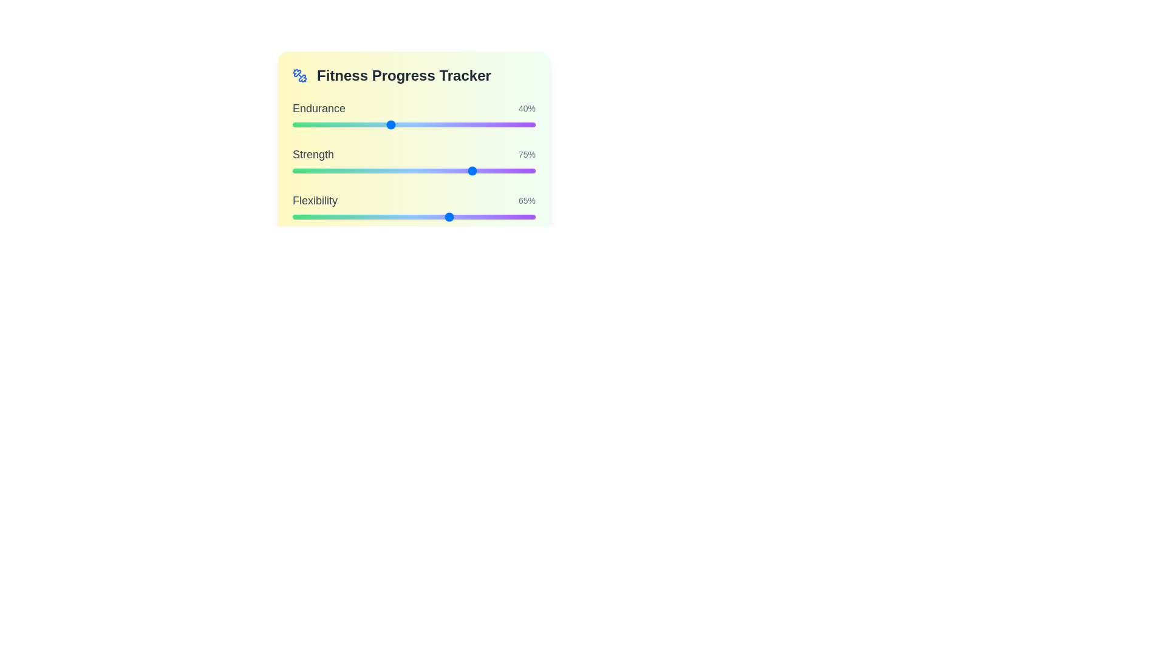 This screenshot has width=1166, height=655. What do you see at coordinates (527, 153) in the screenshot?
I see `the progress percentage text label associated with the 'Strength' metric, located to the right of the 'Strength' label and aligned with the progress bar` at bounding box center [527, 153].